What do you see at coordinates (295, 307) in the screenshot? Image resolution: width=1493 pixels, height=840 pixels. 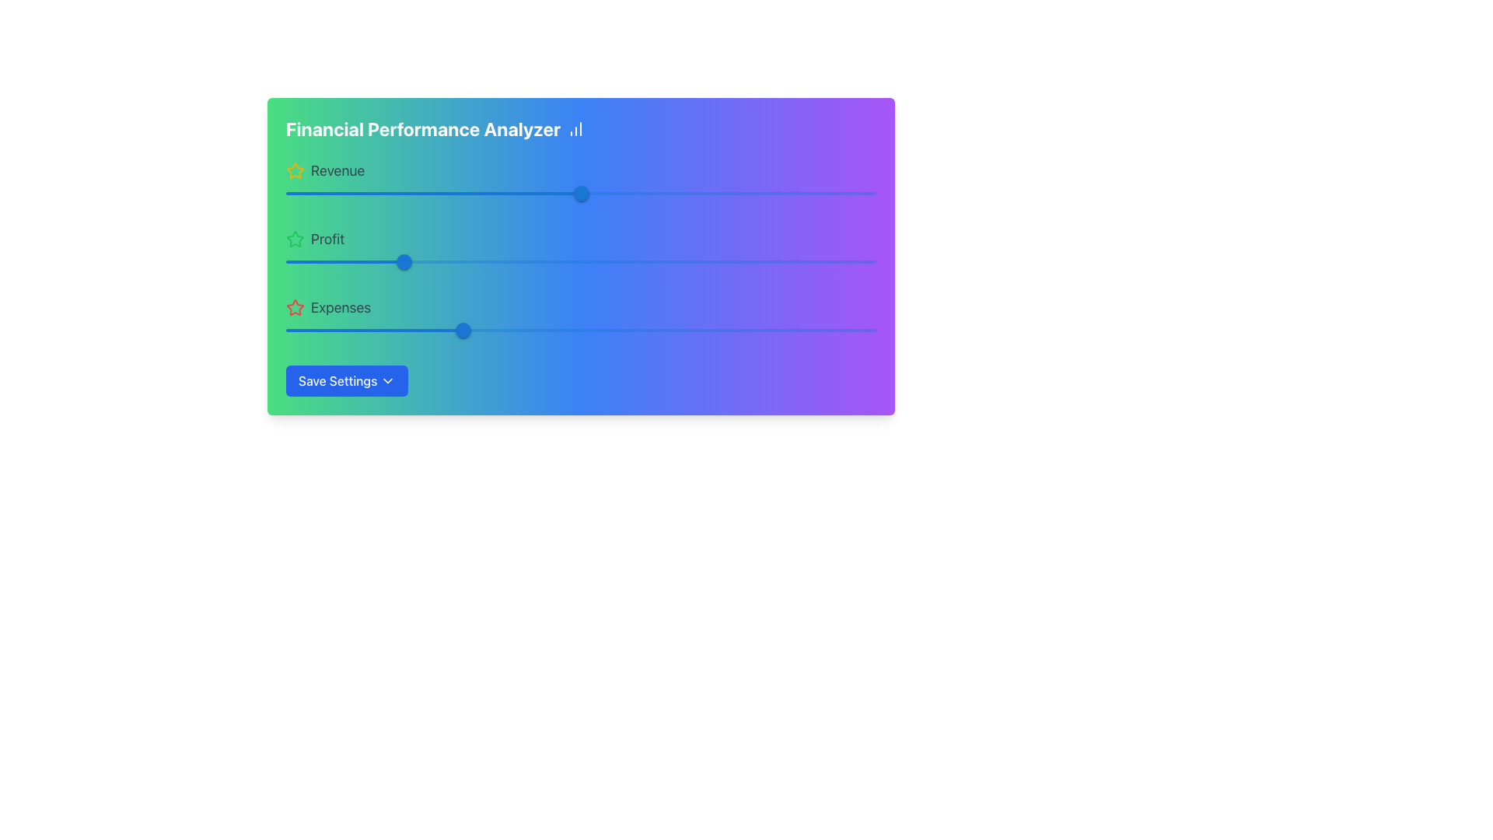 I see `the red star icon located in the 'Expenses' row, positioned to the left of the slider control, which is the third icon in the sequence of similar icons` at bounding box center [295, 307].